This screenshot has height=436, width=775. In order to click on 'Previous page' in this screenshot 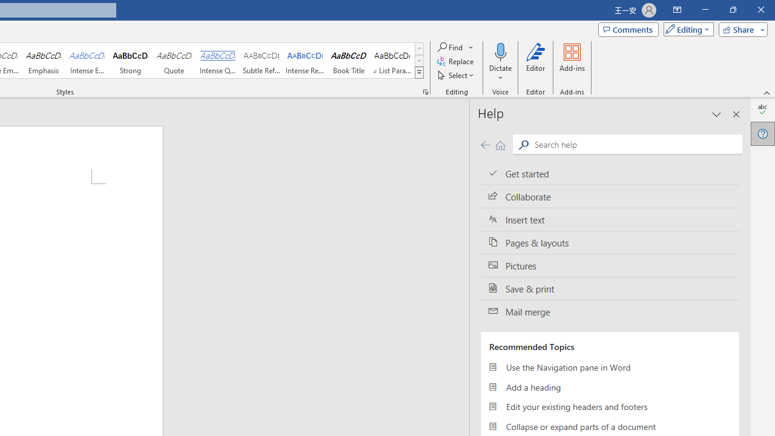, I will do `click(485, 144)`.